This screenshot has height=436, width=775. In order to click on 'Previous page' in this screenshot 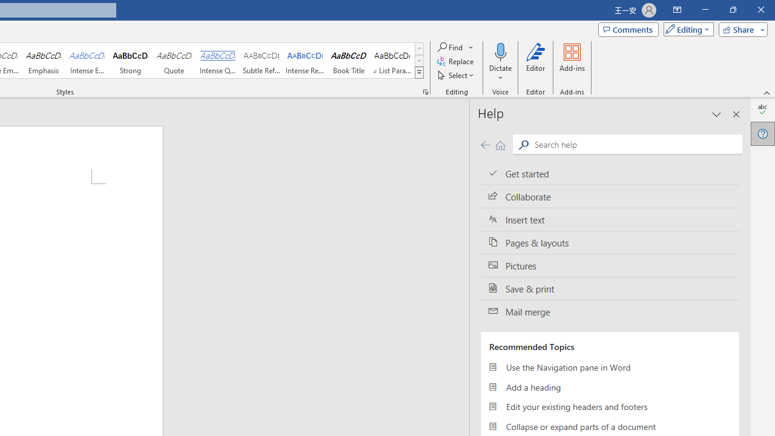, I will do `click(485, 144)`.